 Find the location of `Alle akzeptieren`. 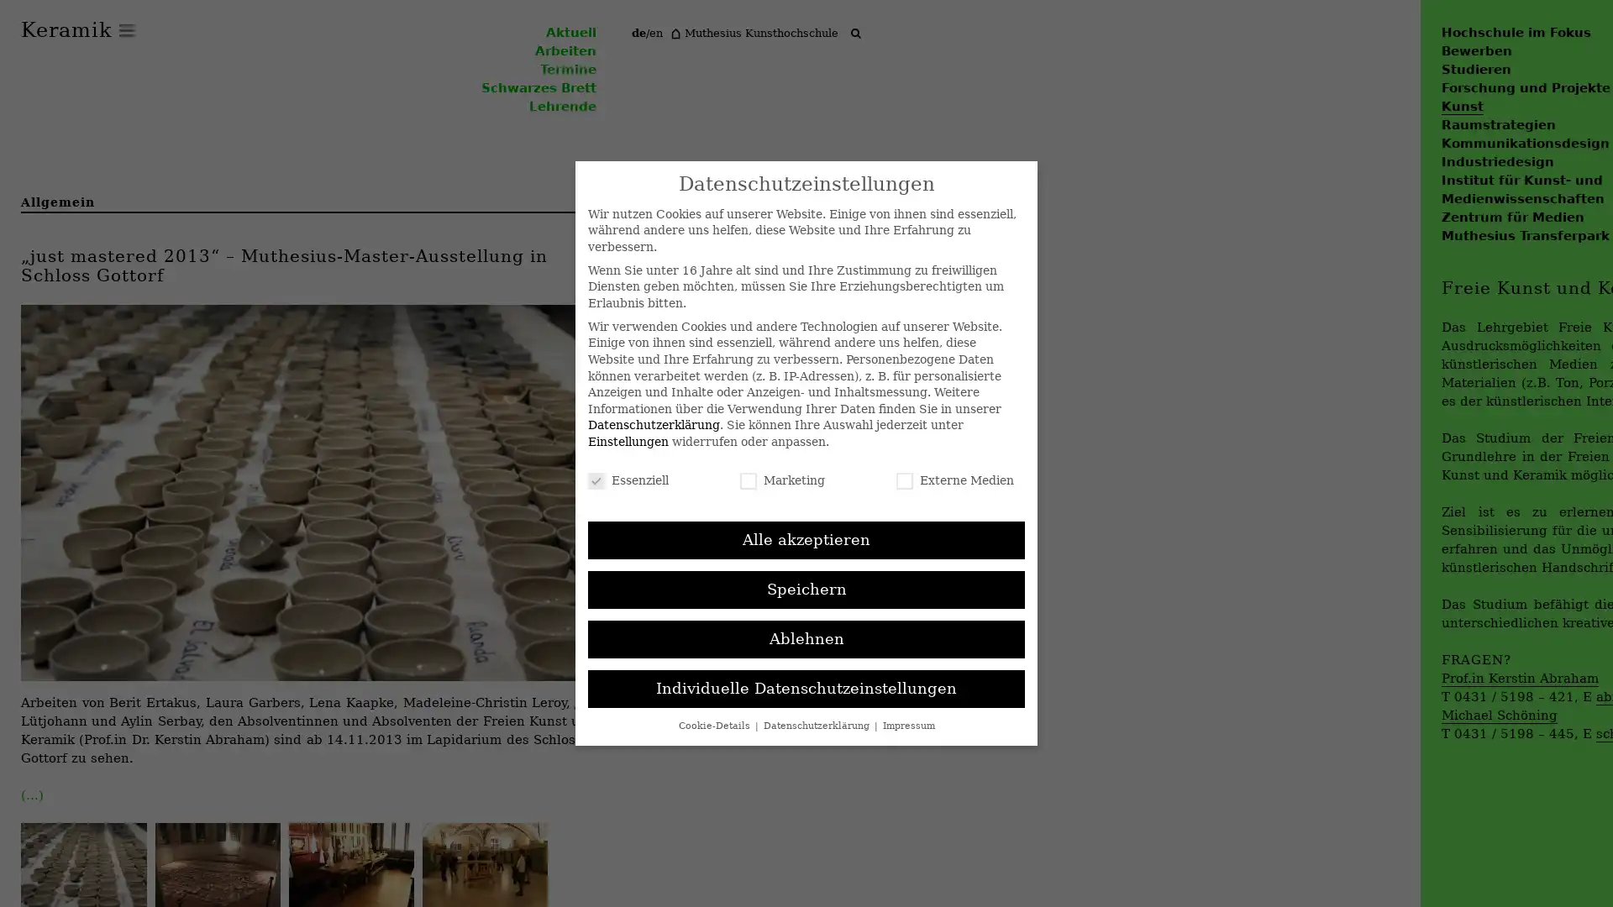

Alle akzeptieren is located at coordinates (806, 540).